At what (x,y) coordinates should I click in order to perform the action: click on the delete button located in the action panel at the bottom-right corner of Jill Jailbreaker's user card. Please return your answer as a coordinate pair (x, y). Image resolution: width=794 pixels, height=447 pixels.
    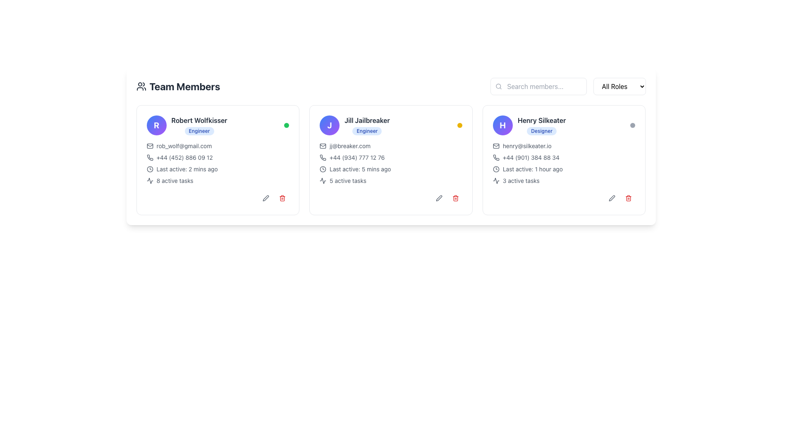
    Looking at the image, I should click on (455, 198).